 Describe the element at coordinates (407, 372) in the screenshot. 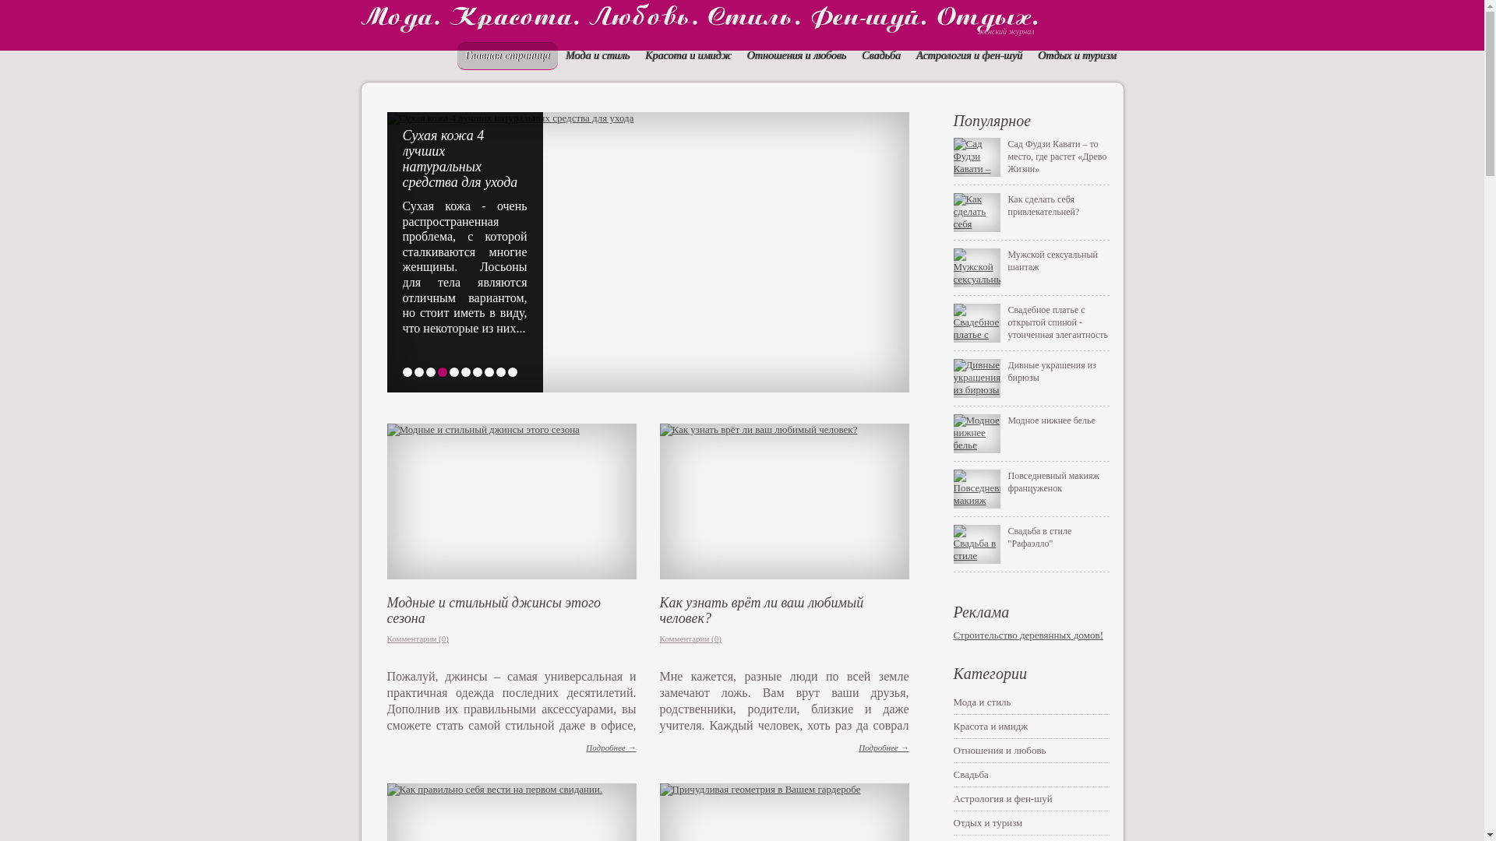

I see `'1'` at that location.